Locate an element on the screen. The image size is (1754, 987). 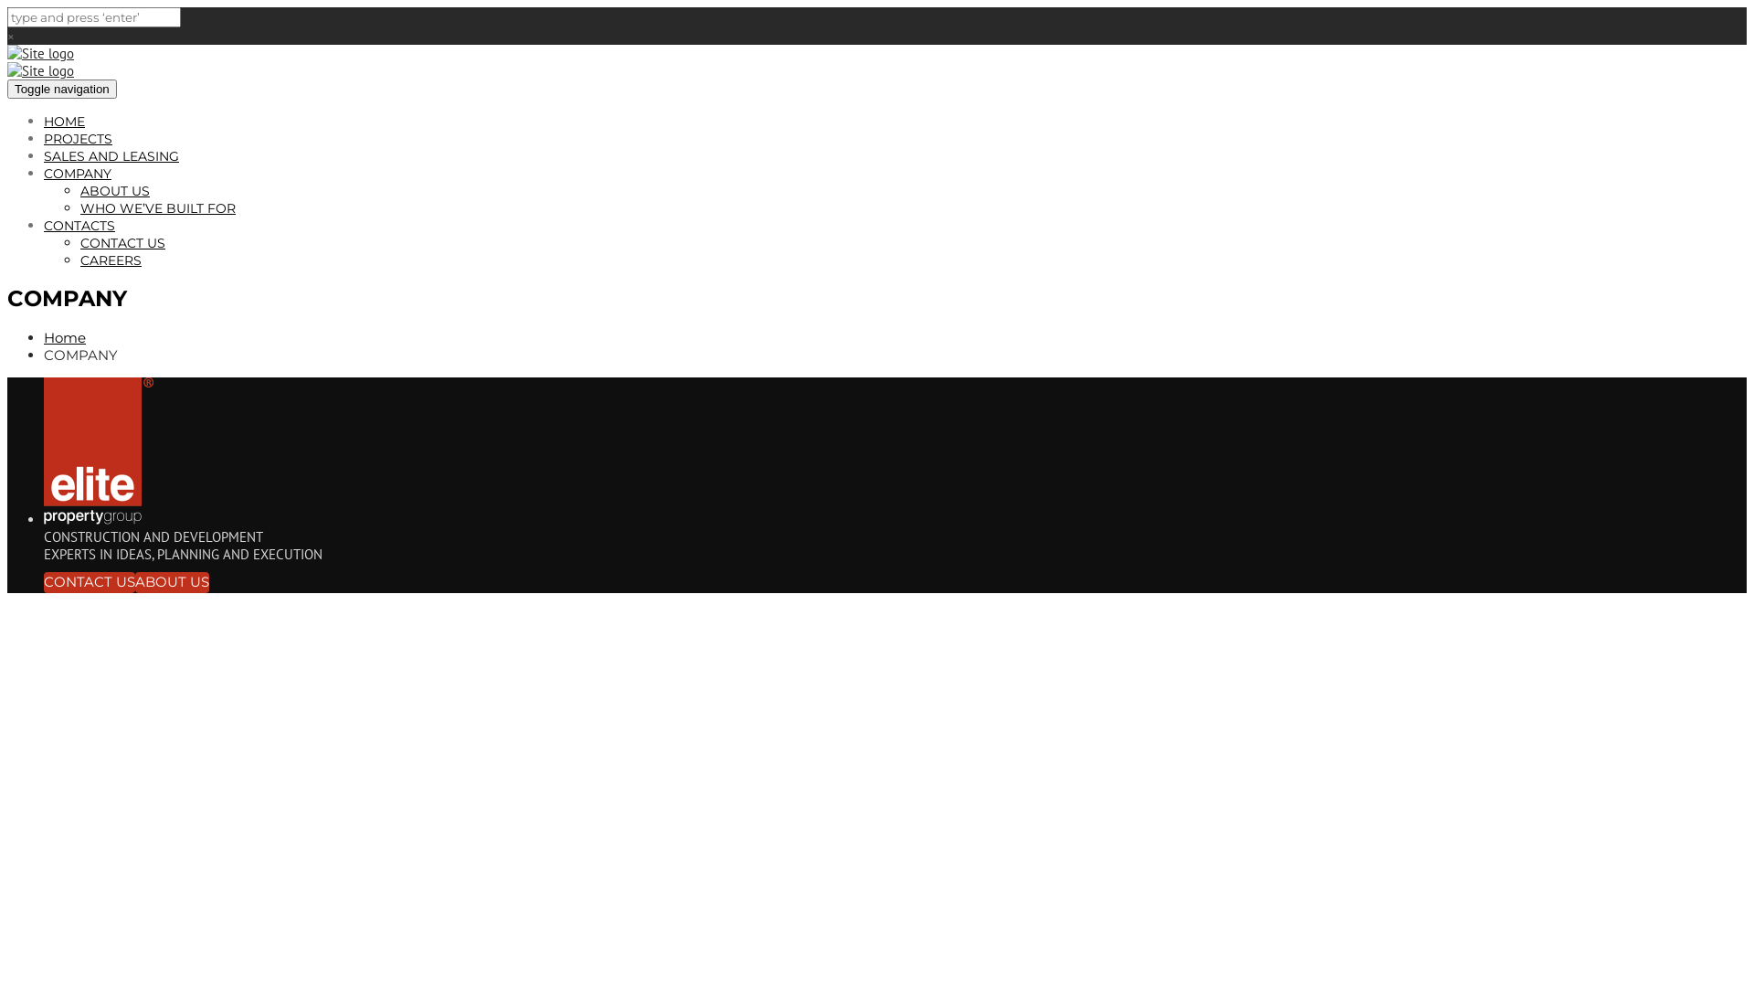
'ABOUT US' is located at coordinates (113, 190).